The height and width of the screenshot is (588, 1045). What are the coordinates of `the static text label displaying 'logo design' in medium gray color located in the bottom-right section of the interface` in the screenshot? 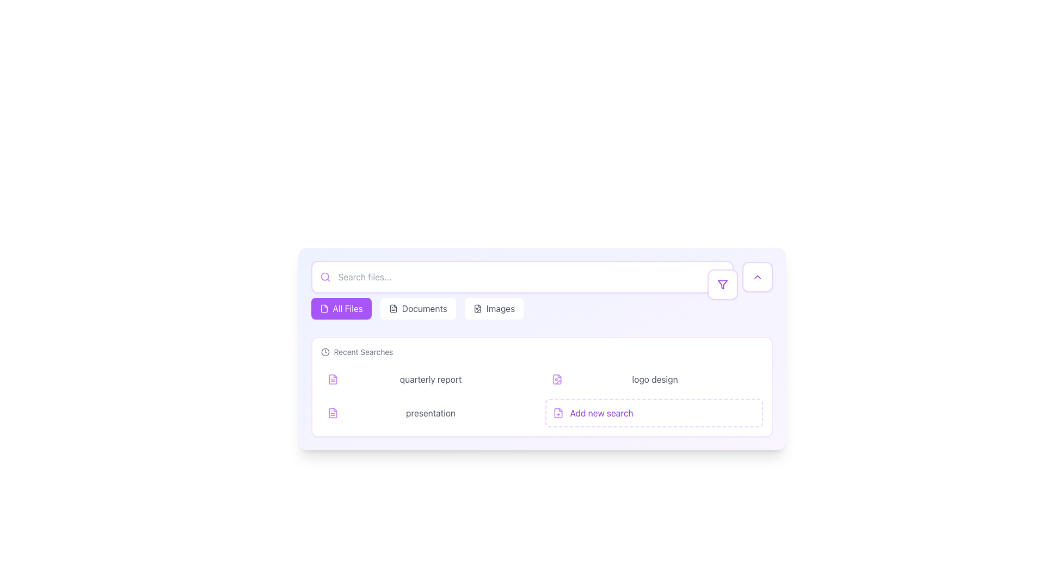 It's located at (654, 379).